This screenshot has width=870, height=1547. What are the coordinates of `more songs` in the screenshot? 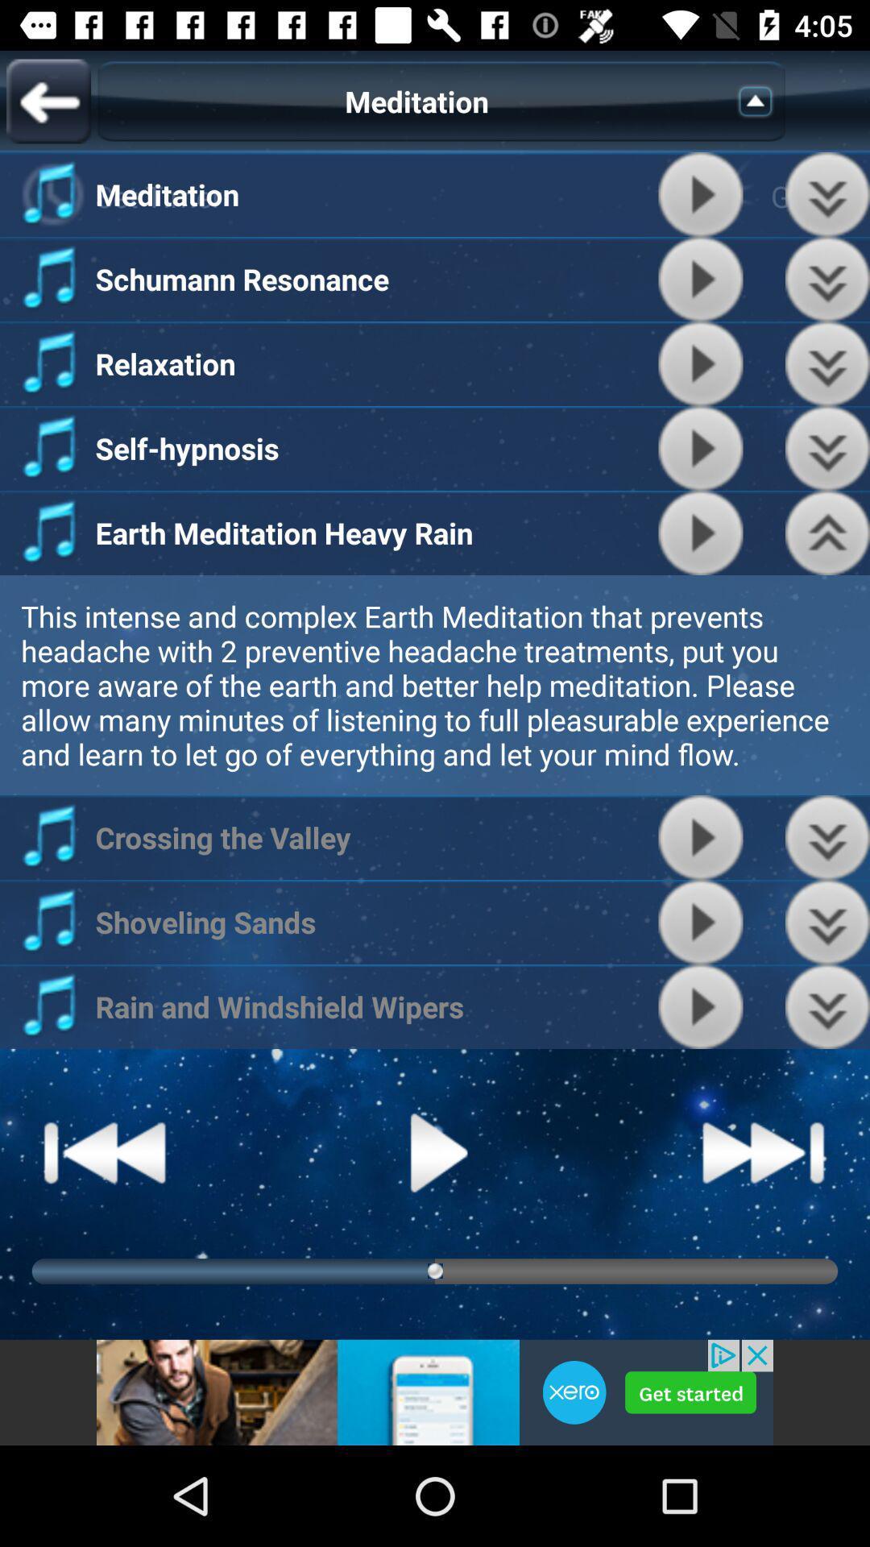 It's located at (827, 922).